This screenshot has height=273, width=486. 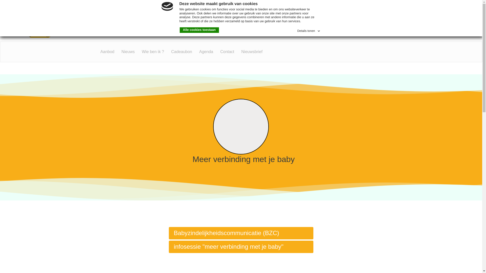 What do you see at coordinates (241, 246) in the screenshot?
I see `'infosessie "meer verbinding met je baby"'` at bounding box center [241, 246].